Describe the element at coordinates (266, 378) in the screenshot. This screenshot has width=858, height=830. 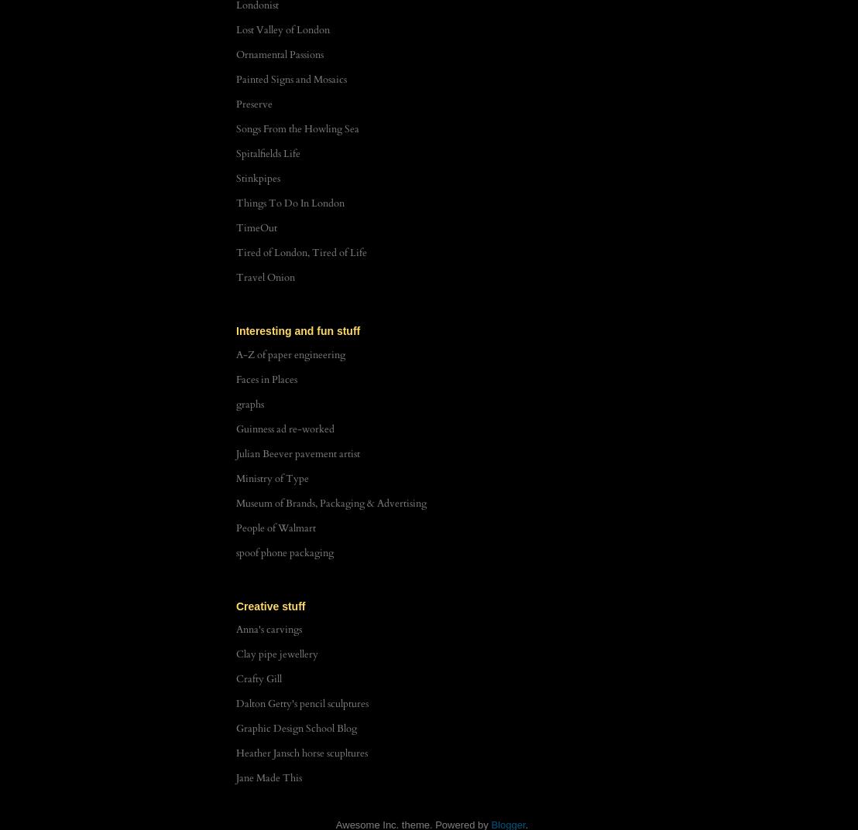
I see `'Faces in Places'` at that location.